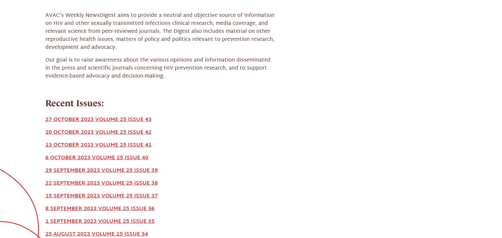 This screenshot has height=238, width=502. What do you see at coordinates (137, 204) in the screenshot?
I see `'Get updates on new resources, events and news on HIV prevention & global health equity.'` at bounding box center [137, 204].